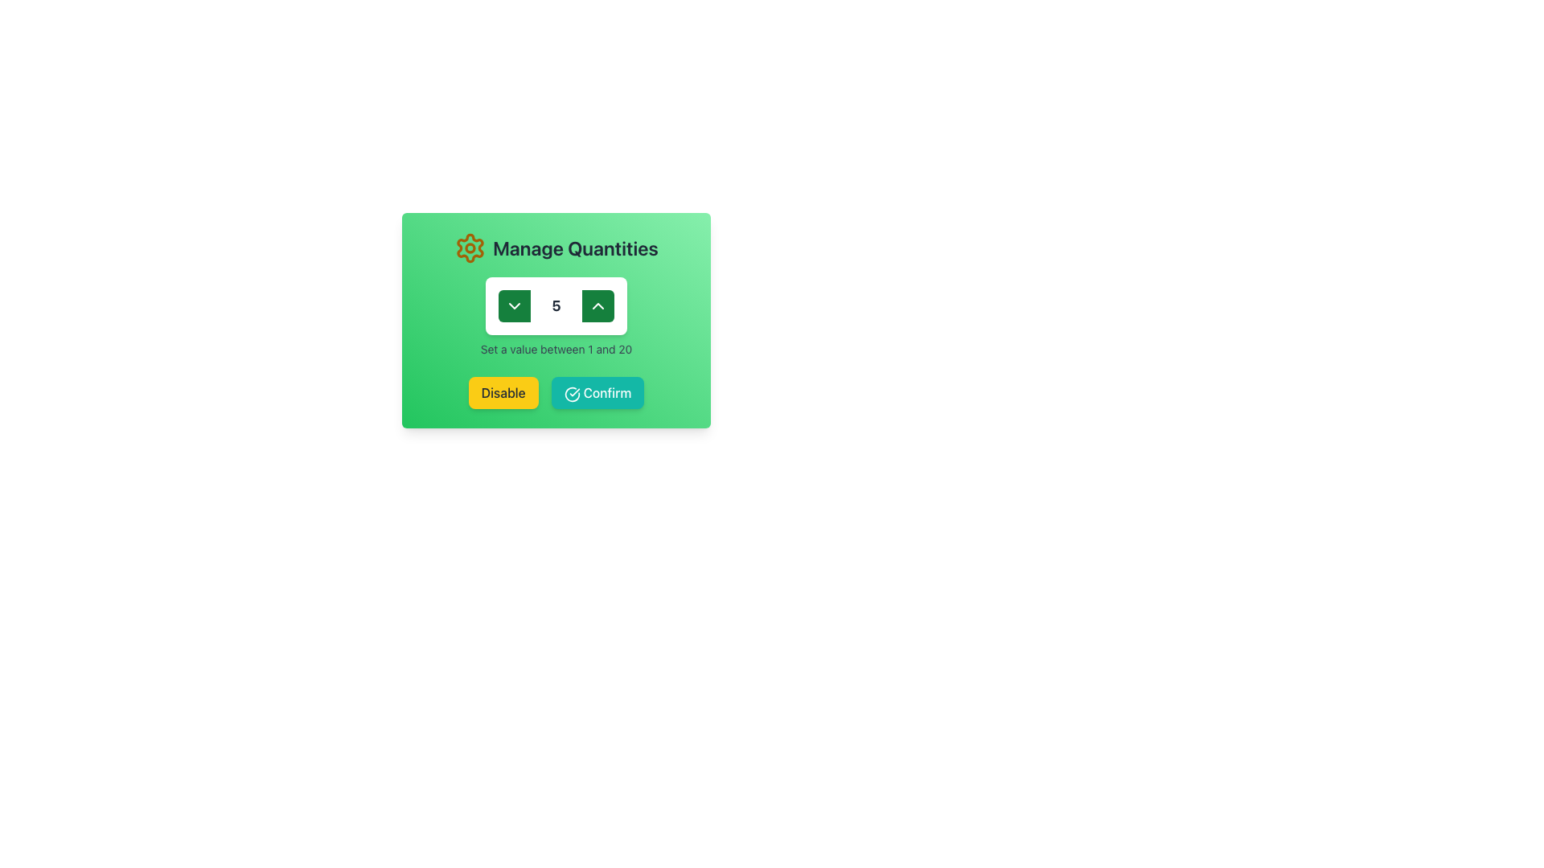  What do you see at coordinates (556, 248) in the screenshot?
I see `the label with an icon that titles the quantity management section, located at the top-center of the green card layout` at bounding box center [556, 248].